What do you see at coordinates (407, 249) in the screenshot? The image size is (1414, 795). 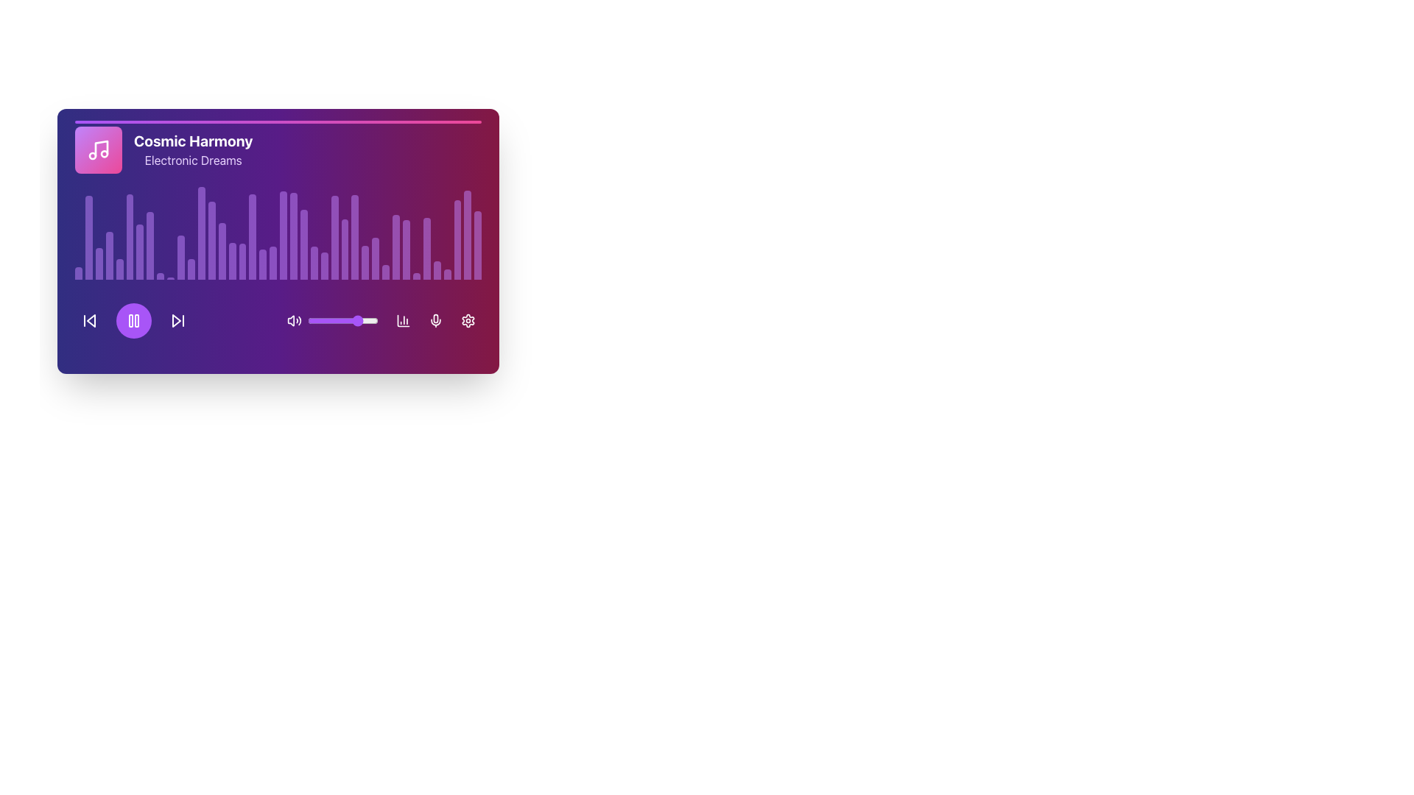 I see `the 36th vertical bar in the audio visualization display, which has a semi-transparent purple shade and rounded top edges` at bounding box center [407, 249].